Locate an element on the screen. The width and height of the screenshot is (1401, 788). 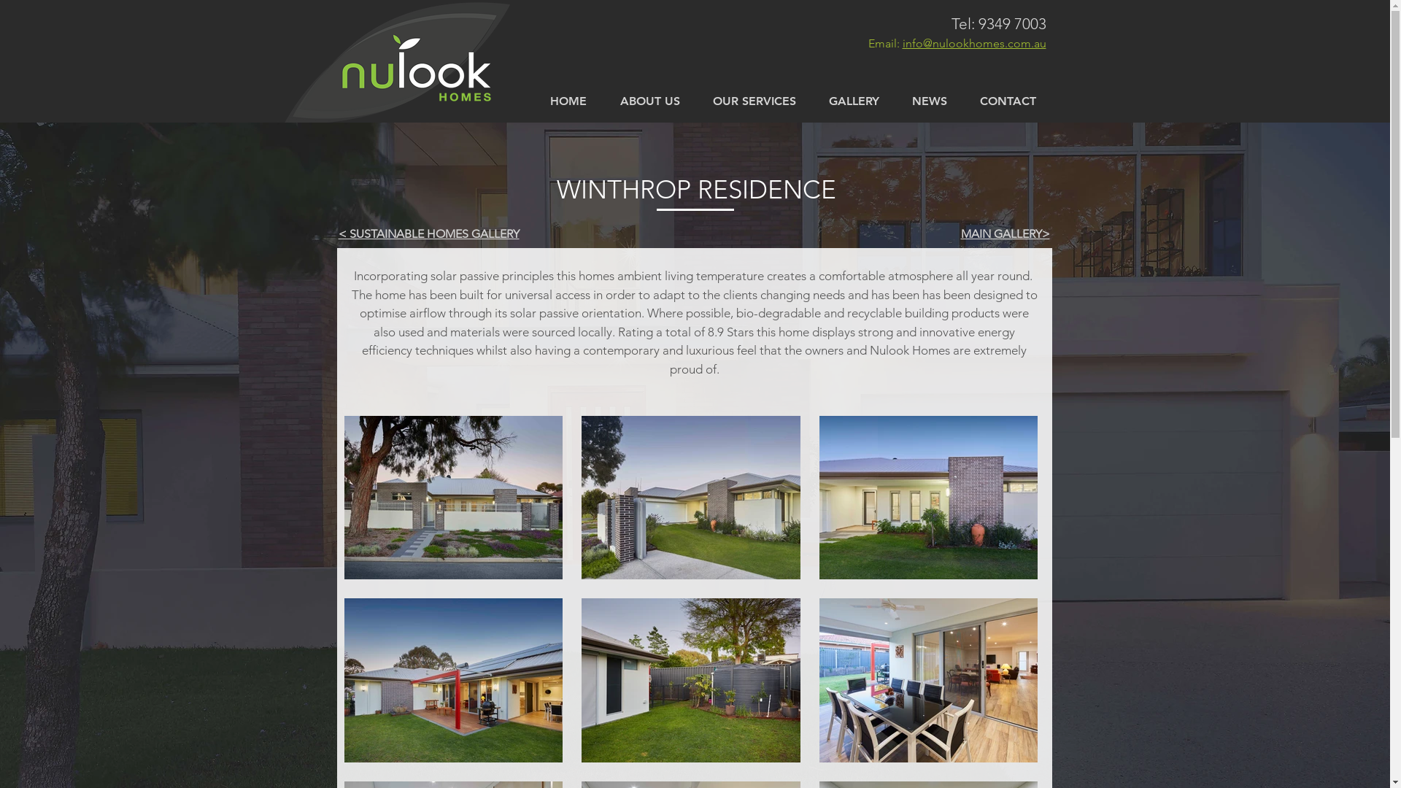
'GALLERY' is located at coordinates (854, 100).